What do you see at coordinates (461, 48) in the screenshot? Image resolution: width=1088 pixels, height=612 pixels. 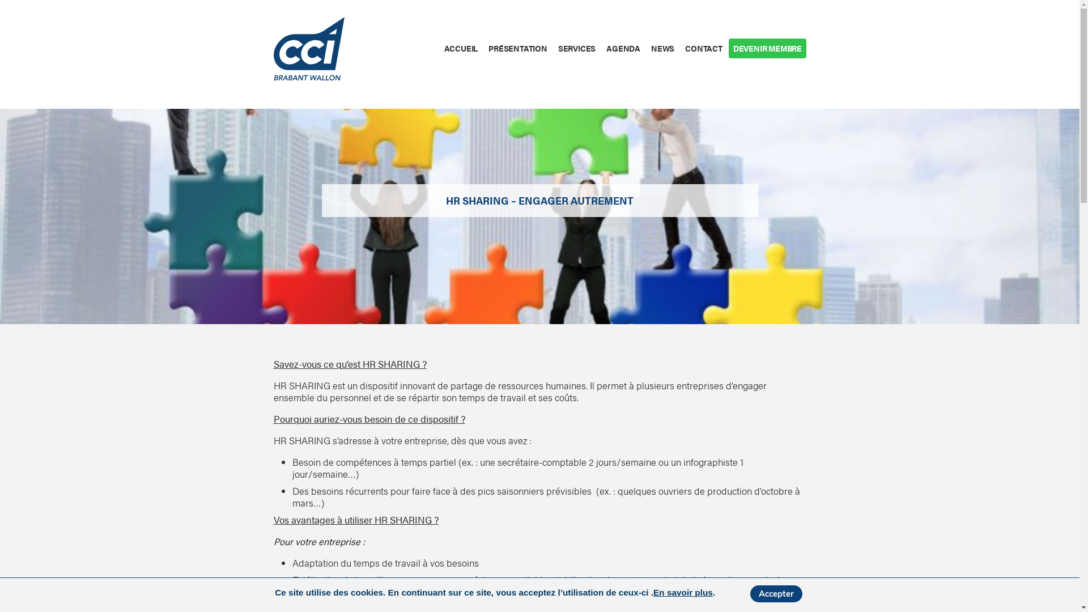 I see `'ACCUEIL'` at bounding box center [461, 48].